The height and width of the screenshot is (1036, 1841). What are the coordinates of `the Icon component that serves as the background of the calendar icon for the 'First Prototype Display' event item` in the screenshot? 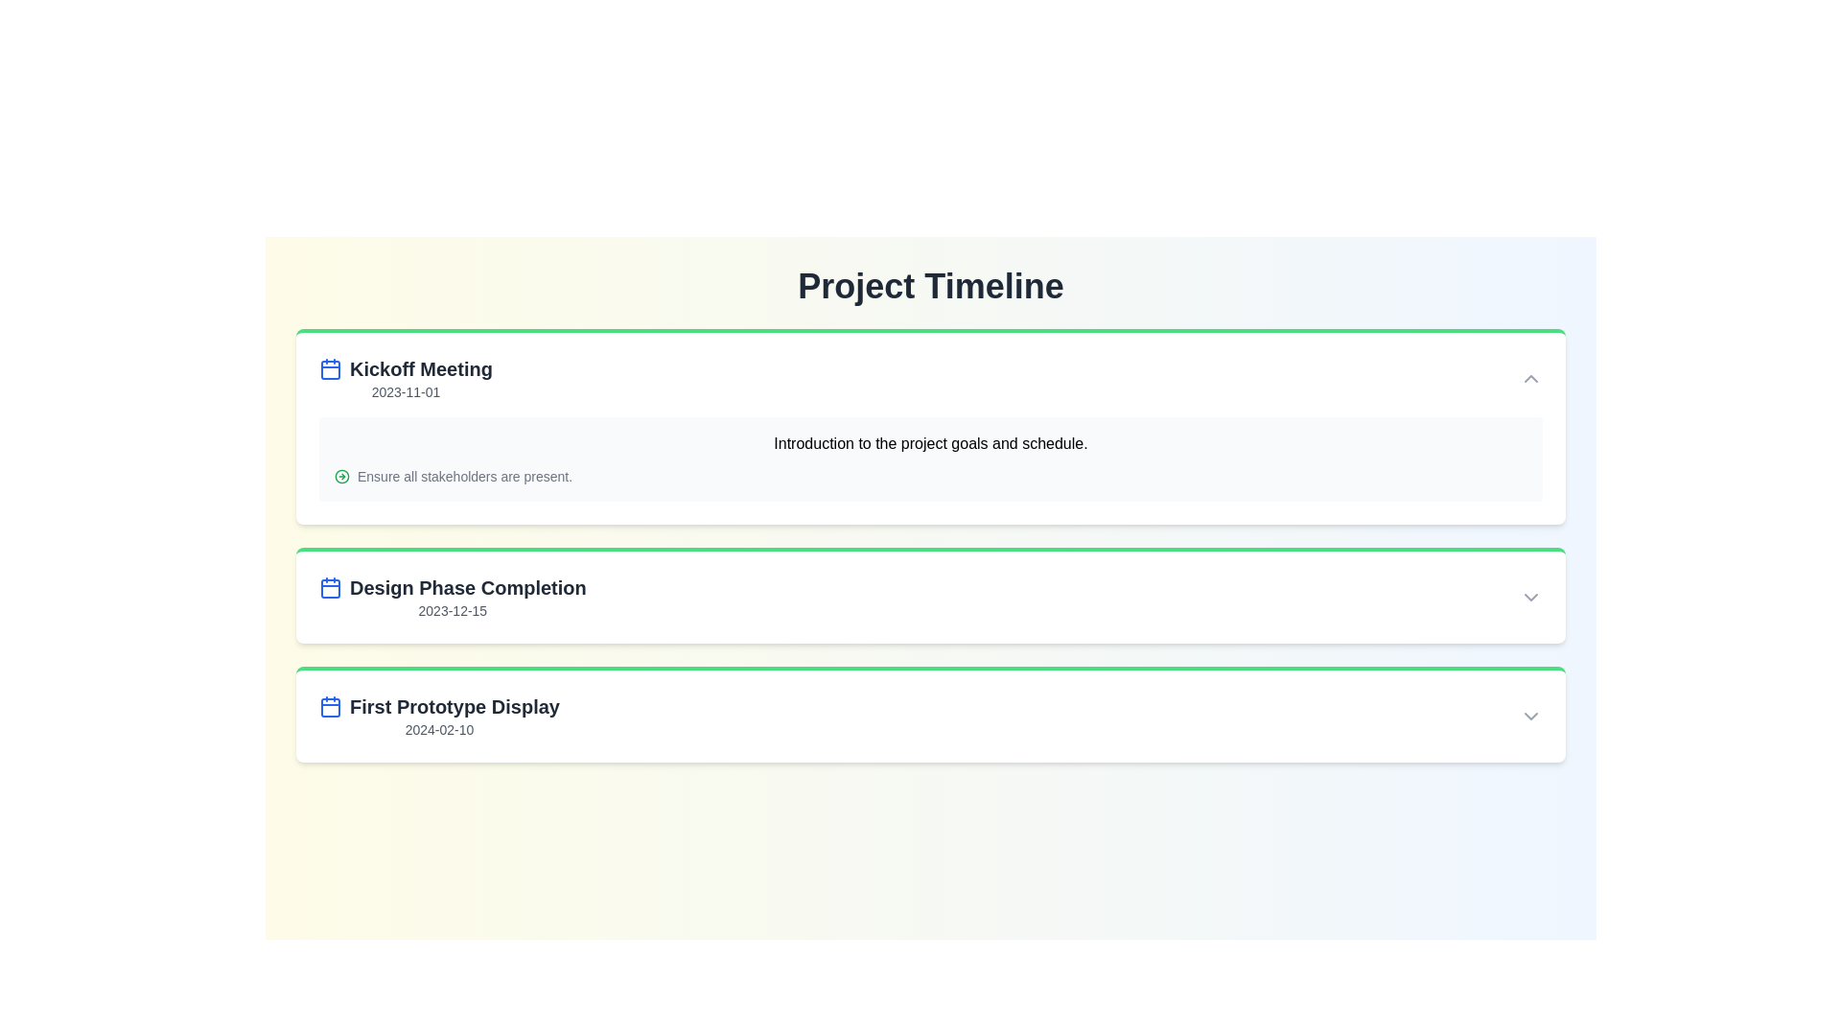 It's located at (331, 707).